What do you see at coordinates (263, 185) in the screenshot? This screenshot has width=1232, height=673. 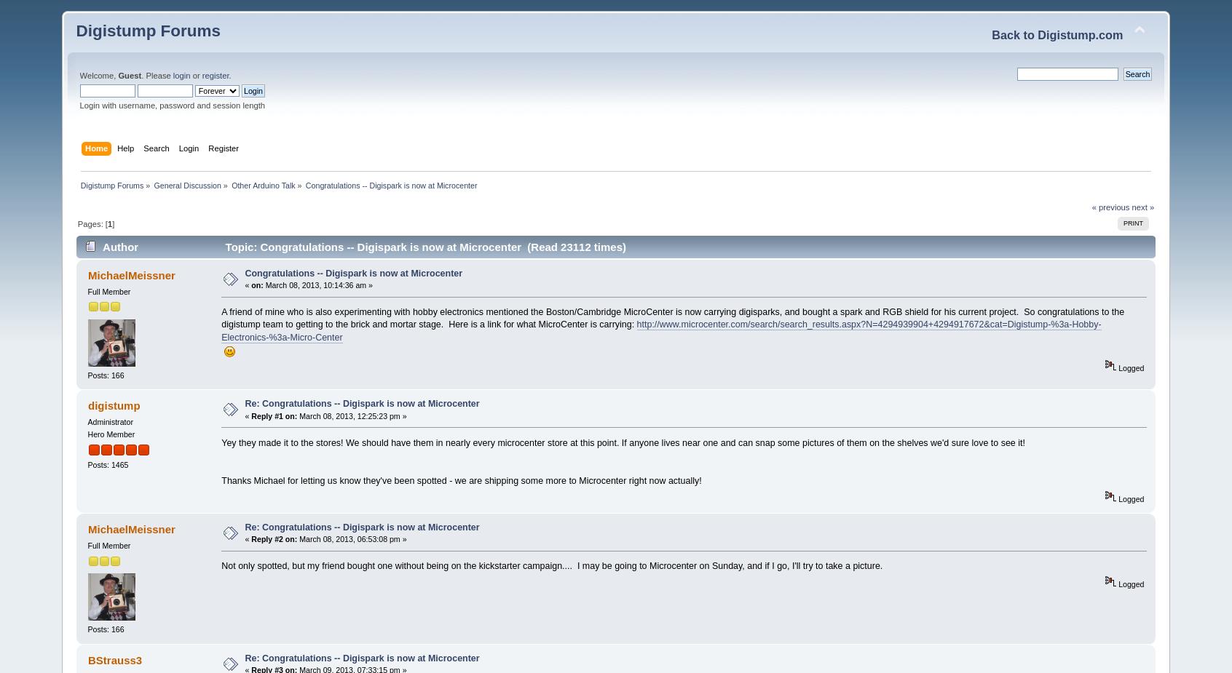 I see `'Other Arduino Talk'` at bounding box center [263, 185].